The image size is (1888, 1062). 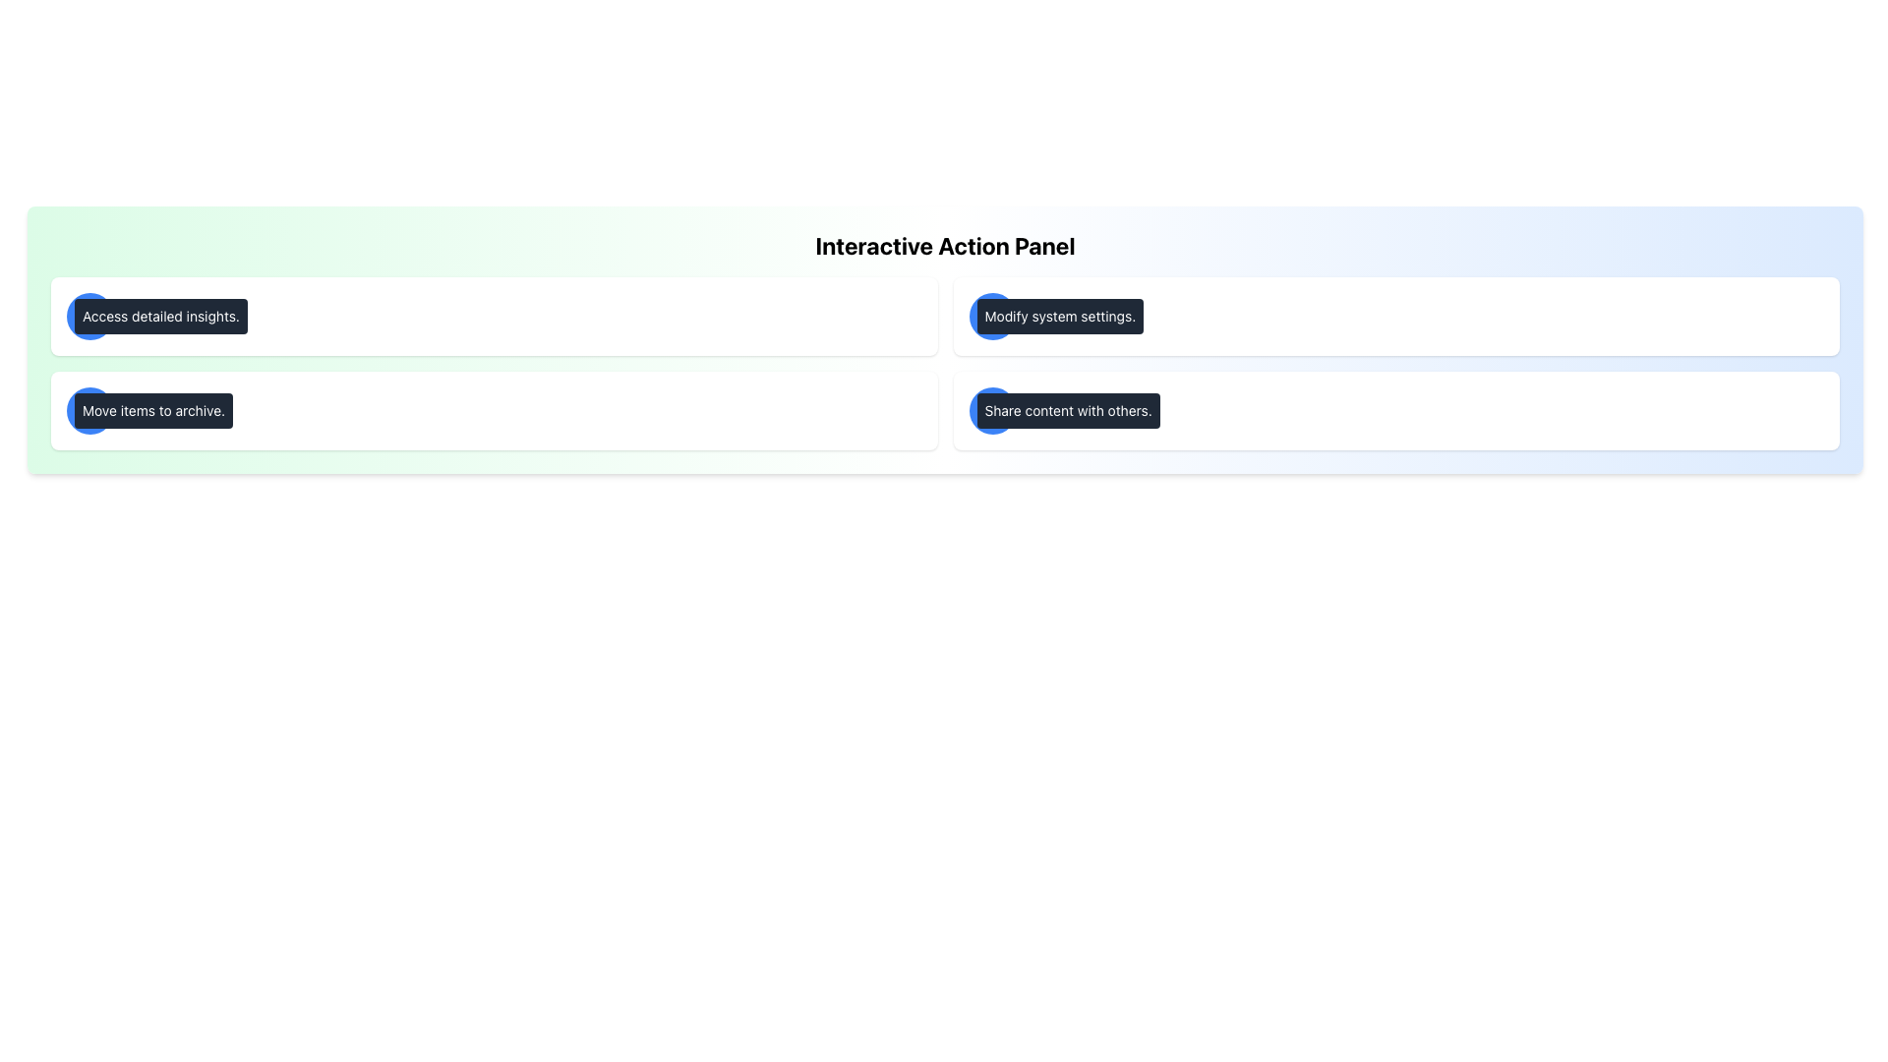 I want to click on the circular blue Icon button located in the first item of a vertically stacked list, positioned at the leftmost area, above the text label 'Move items to archive.', so click(x=88, y=409).